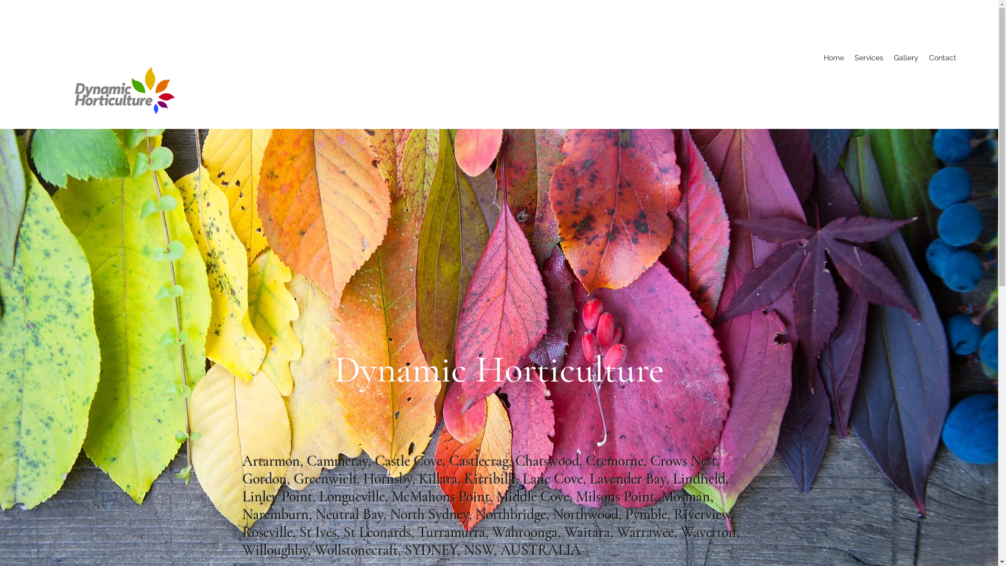 This screenshot has width=1006, height=566. What do you see at coordinates (943, 58) in the screenshot?
I see `'Contact'` at bounding box center [943, 58].